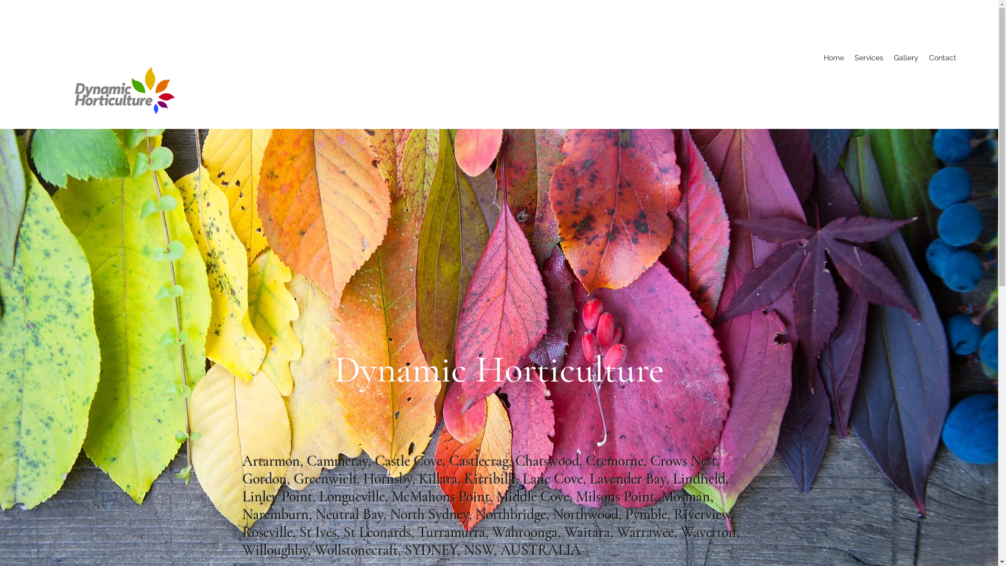 This screenshot has width=1006, height=566. What do you see at coordinates (943, 58) in the screenshot?
I see `'Contact'` at bounding box center [943, 58].